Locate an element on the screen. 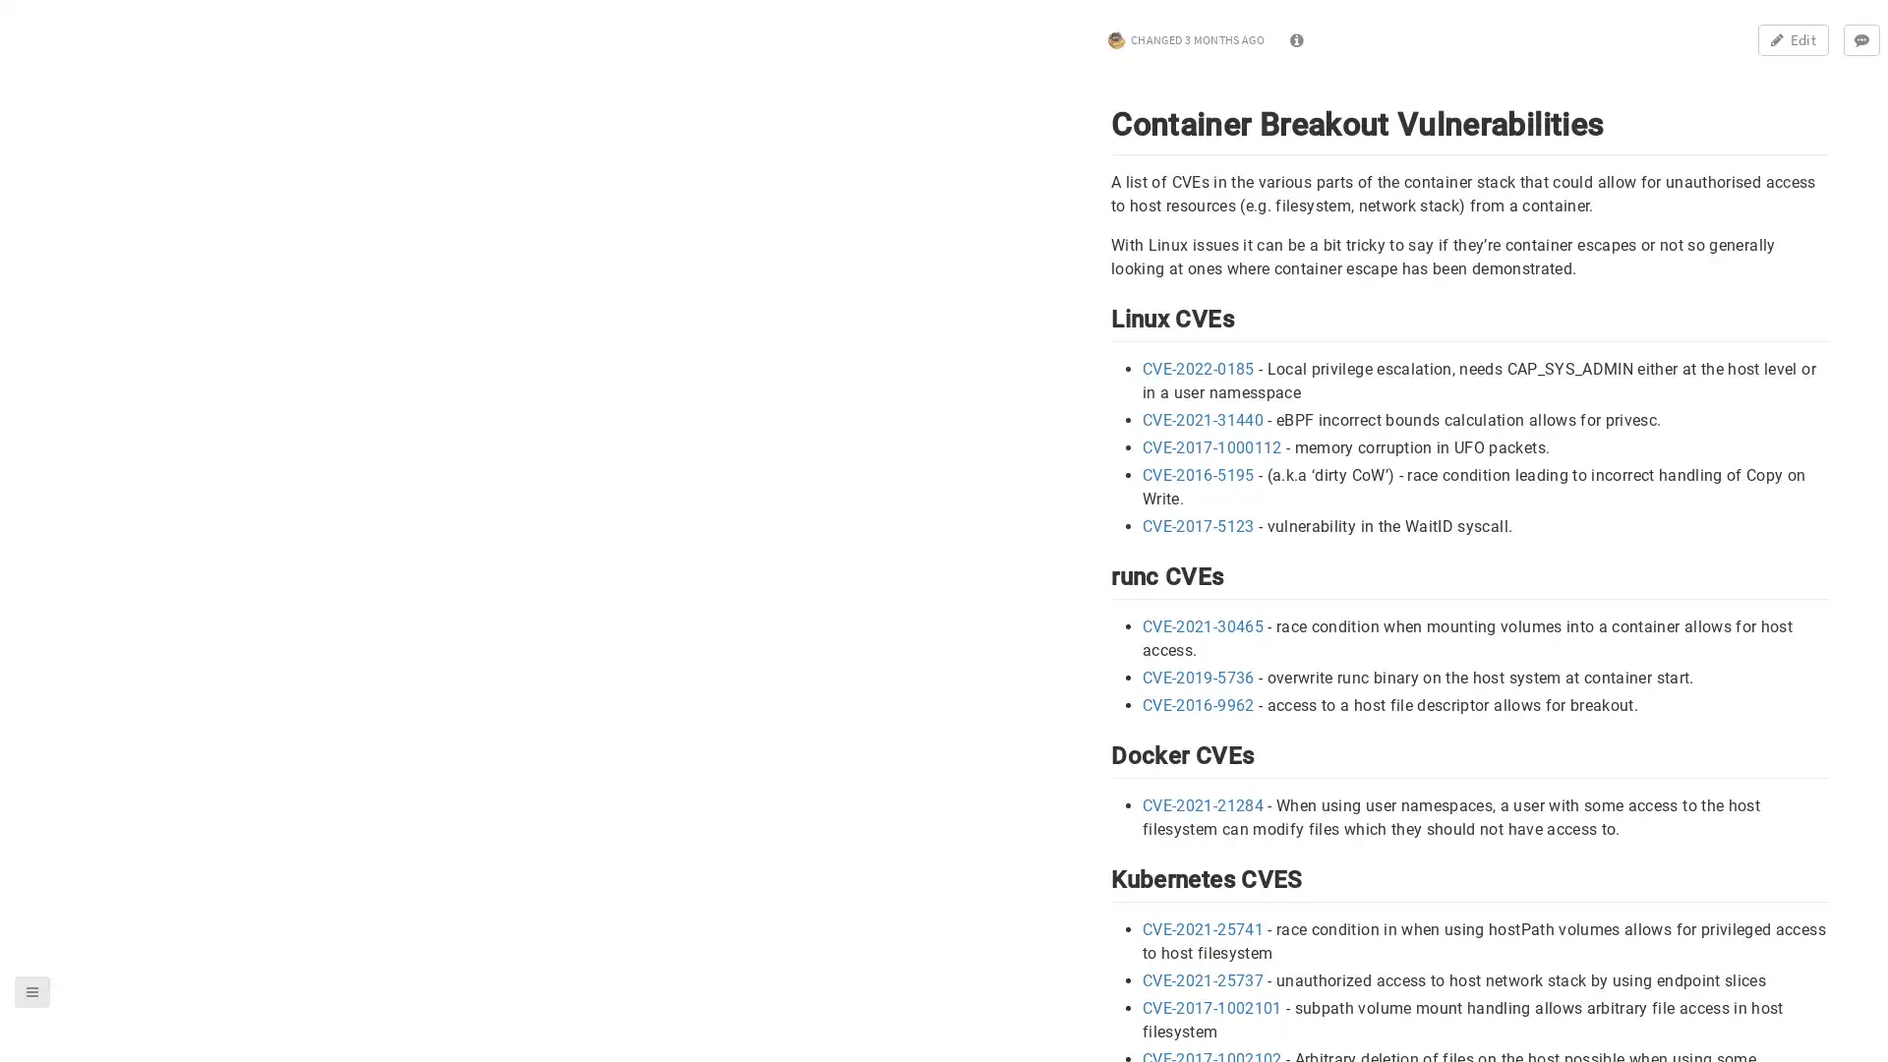  0 comments is located at coordinates (1374, 40).